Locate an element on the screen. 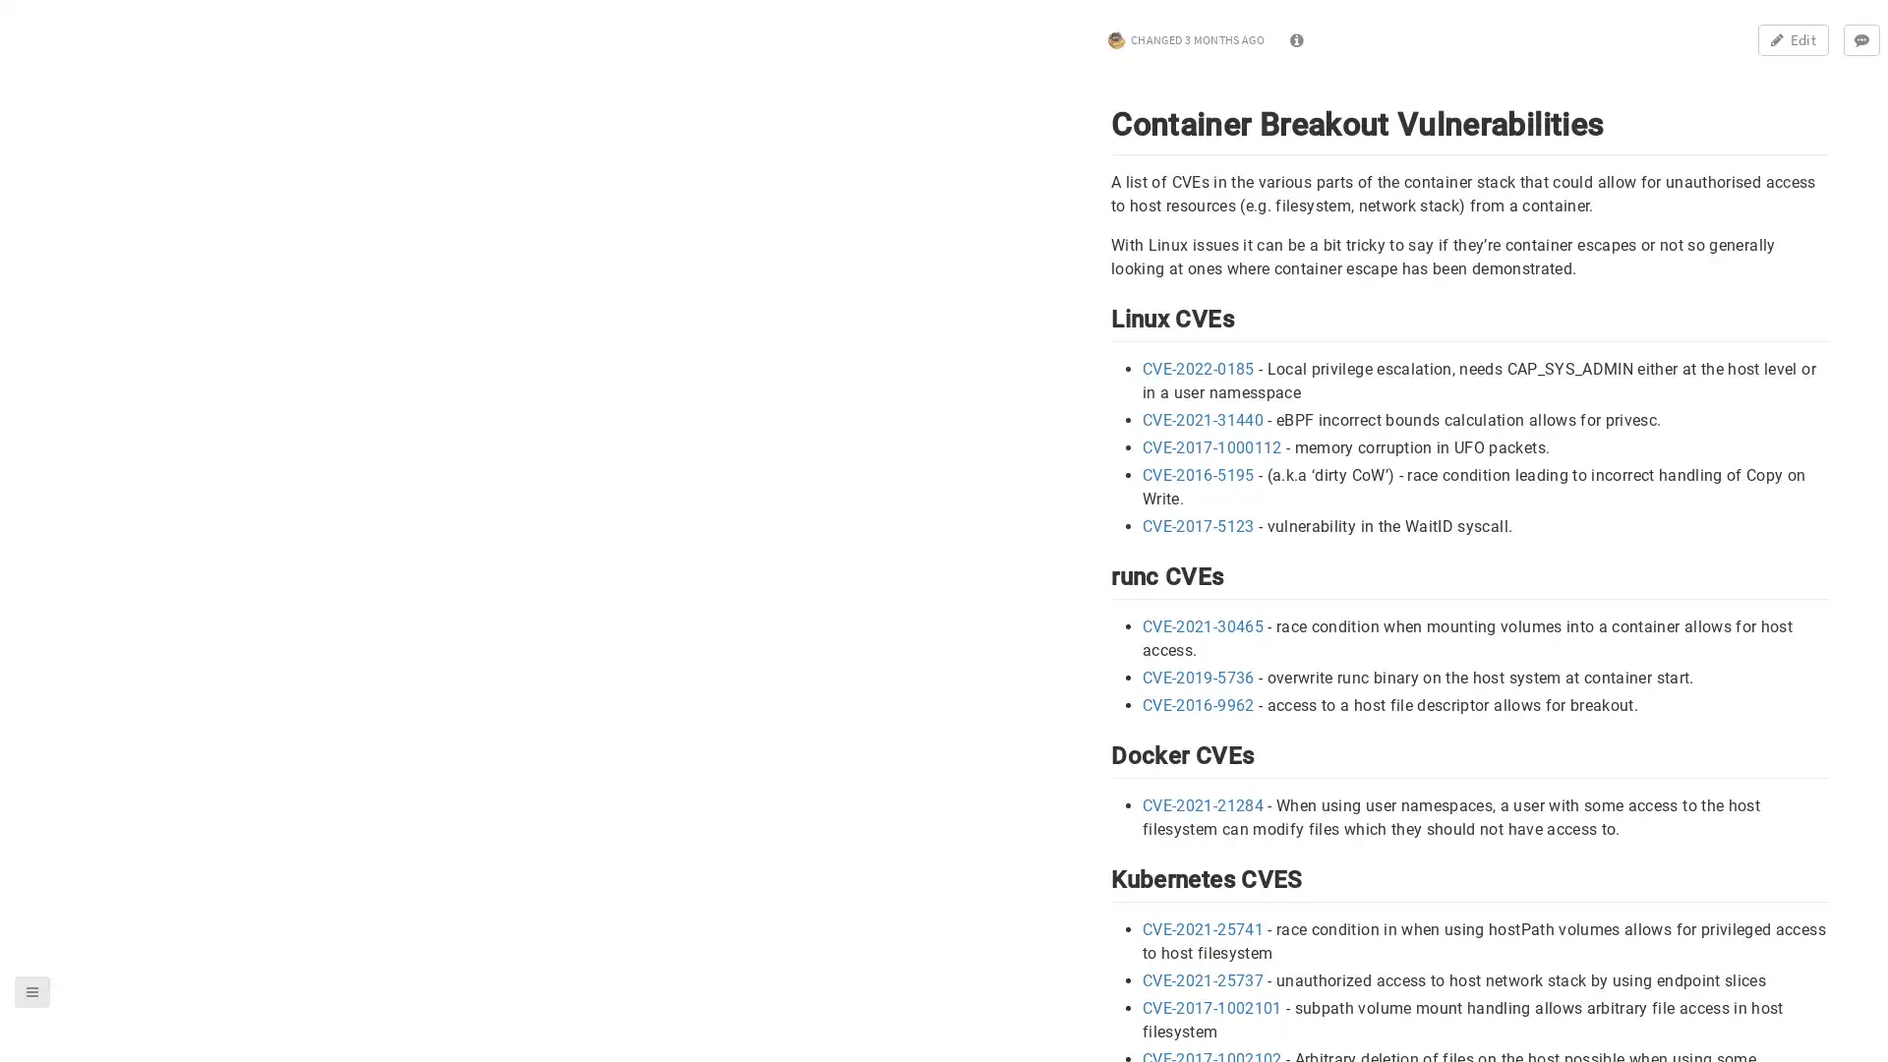  0 comments is located at coordinates (1374, 40).